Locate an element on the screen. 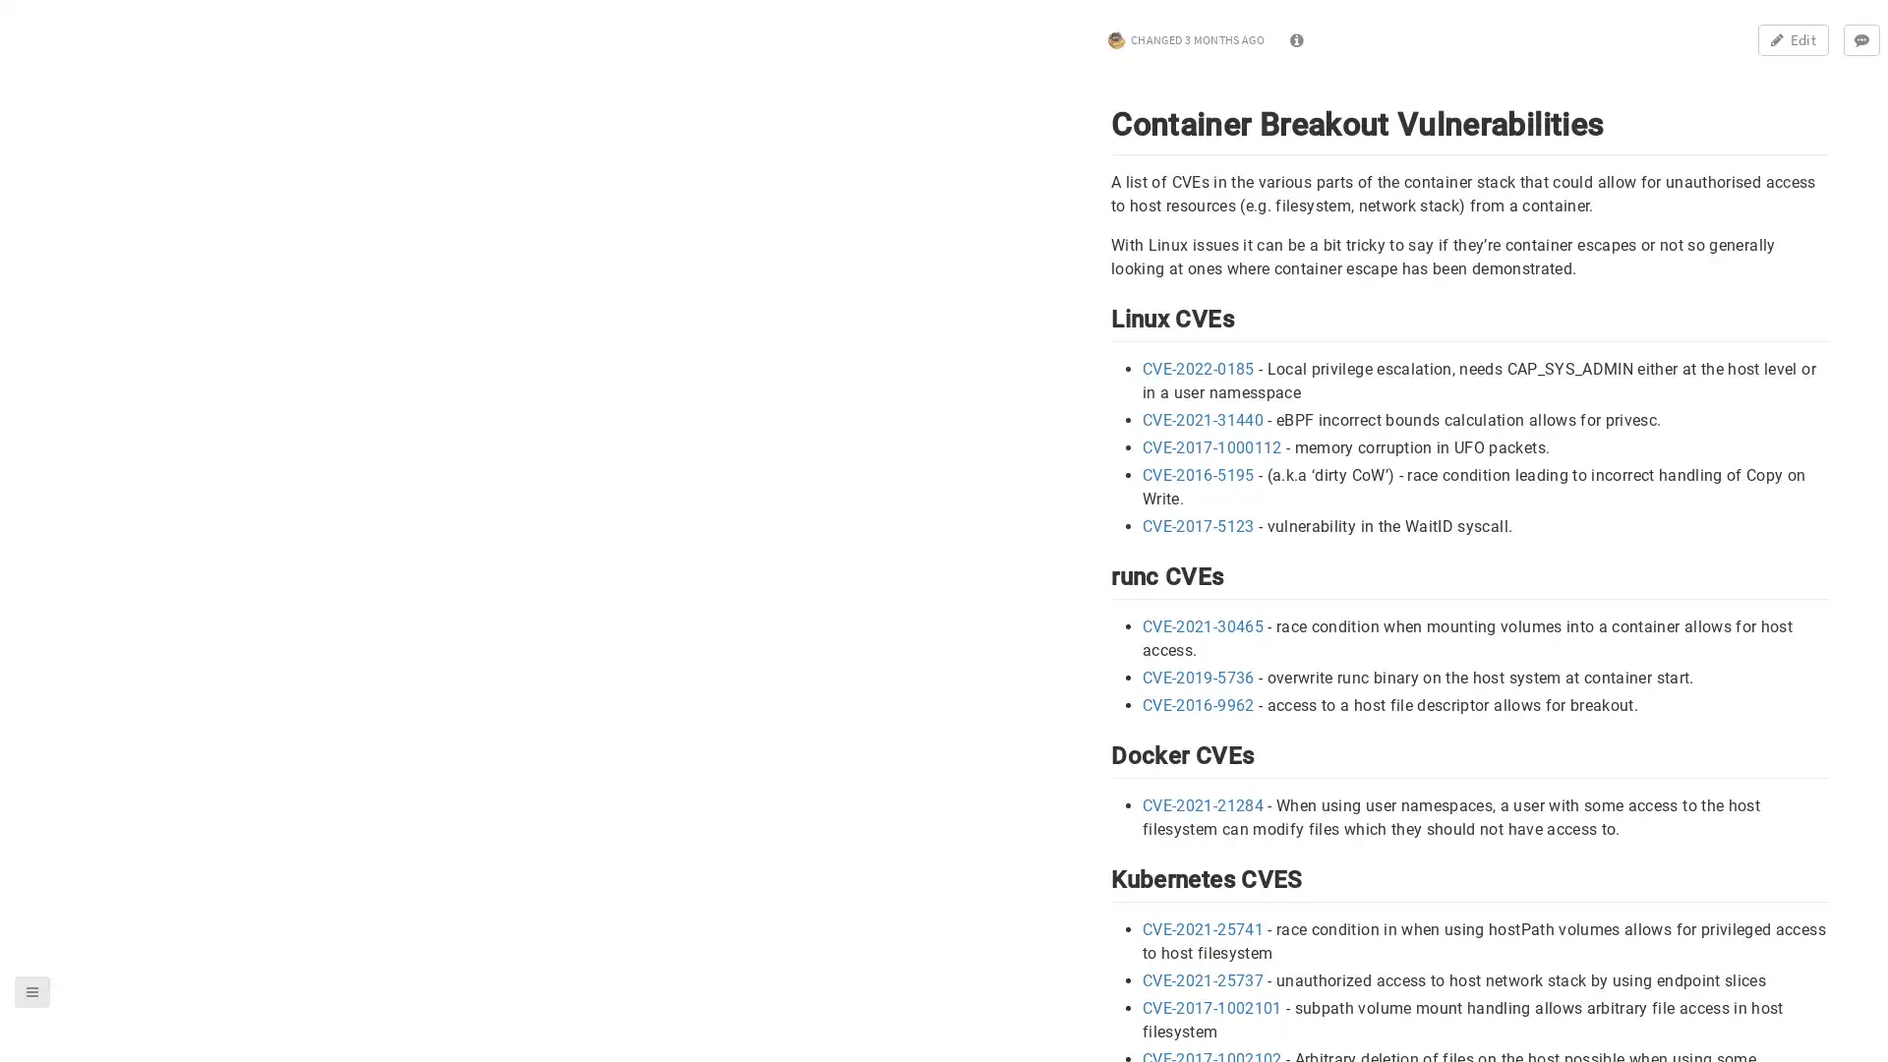  0 comments is located at coordinates (1374, 40).